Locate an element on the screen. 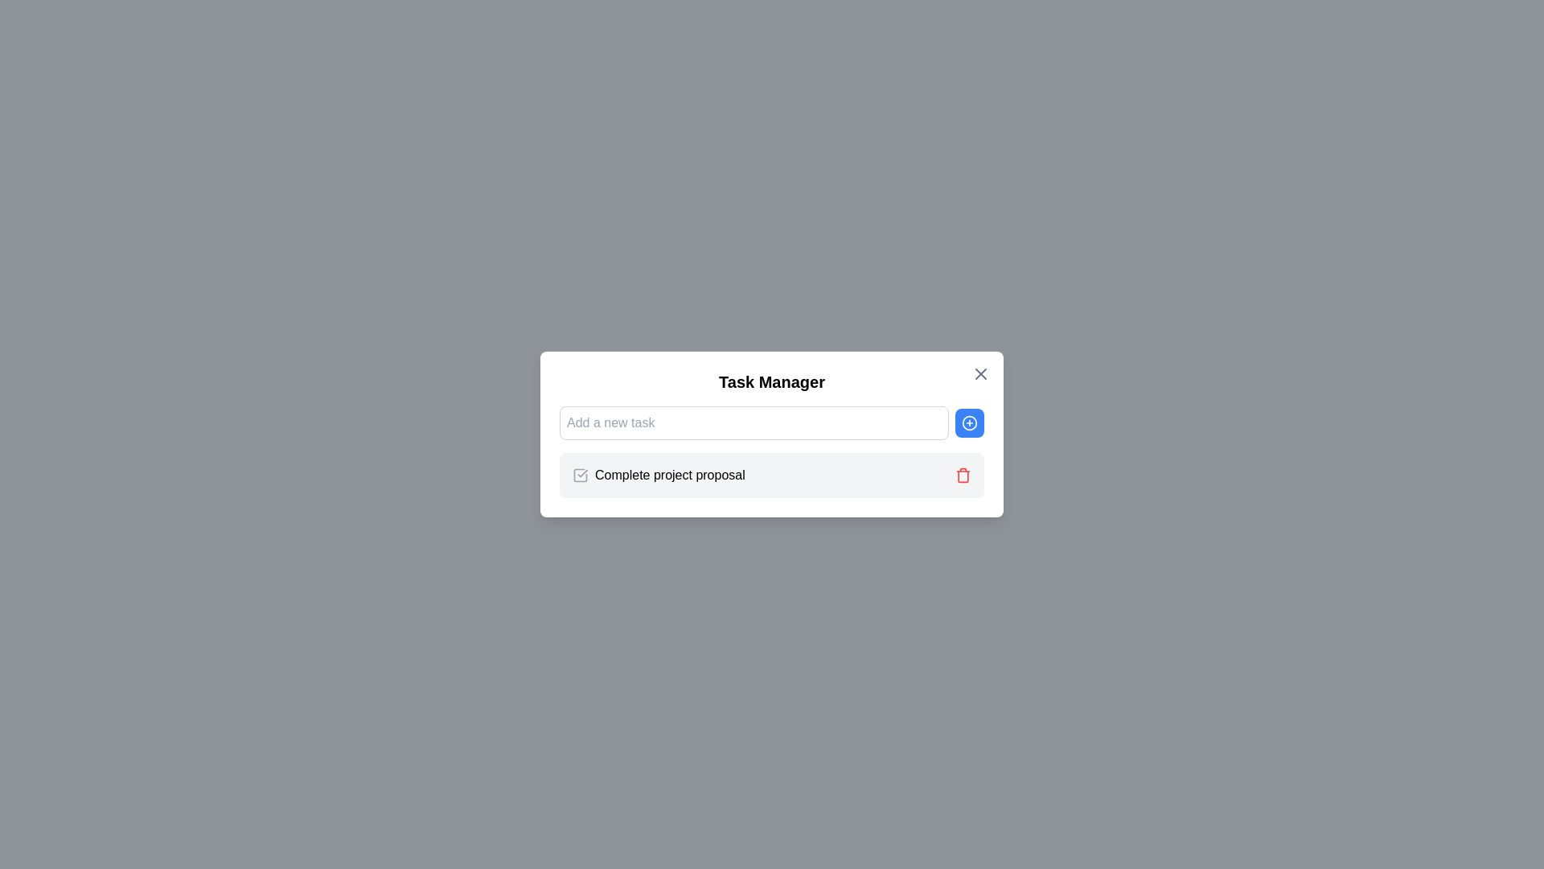  the checkbox styled as a square with a checkmark inside, which is positioned to the left of the 'Complete project proposal' label in the Task Manager interface is located at coordinates (579, 474).